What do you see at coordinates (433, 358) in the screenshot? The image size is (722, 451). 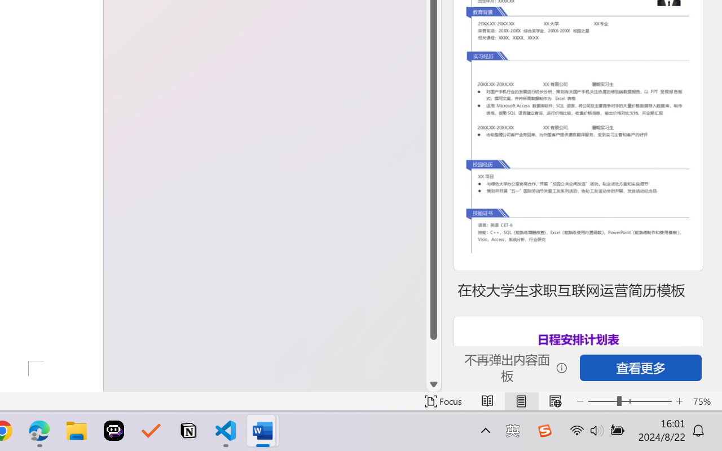 I see `'Page down'` at bounding box center [433, 358].